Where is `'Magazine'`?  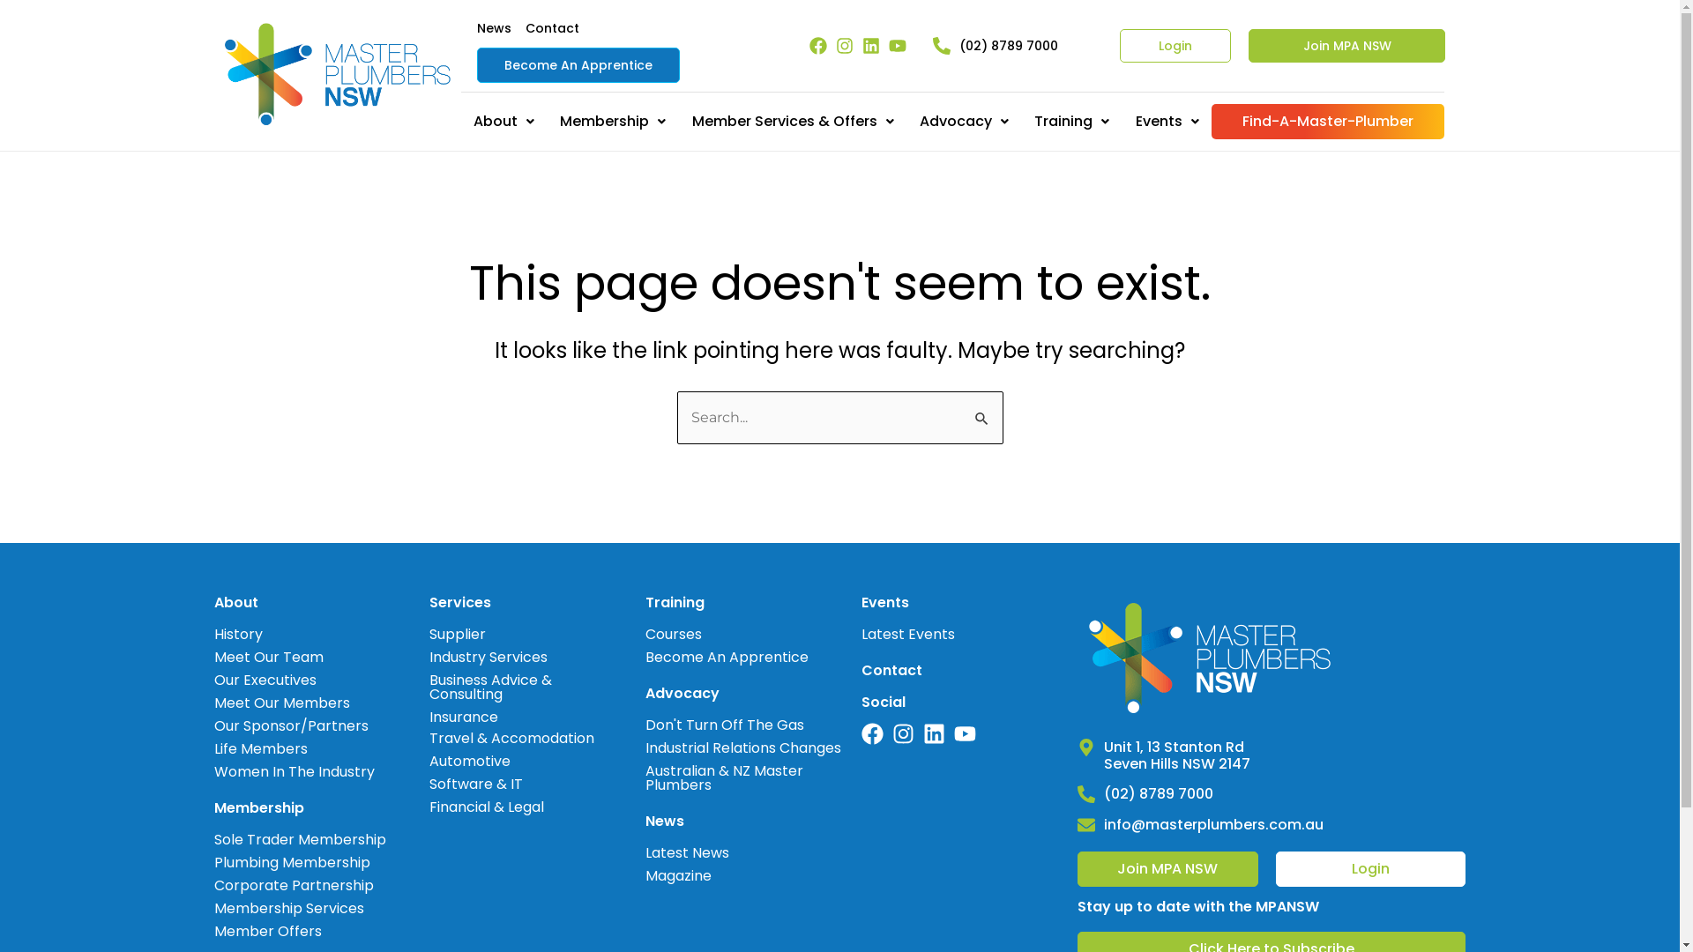
'Magazine' is located at coordinates (686, 876).